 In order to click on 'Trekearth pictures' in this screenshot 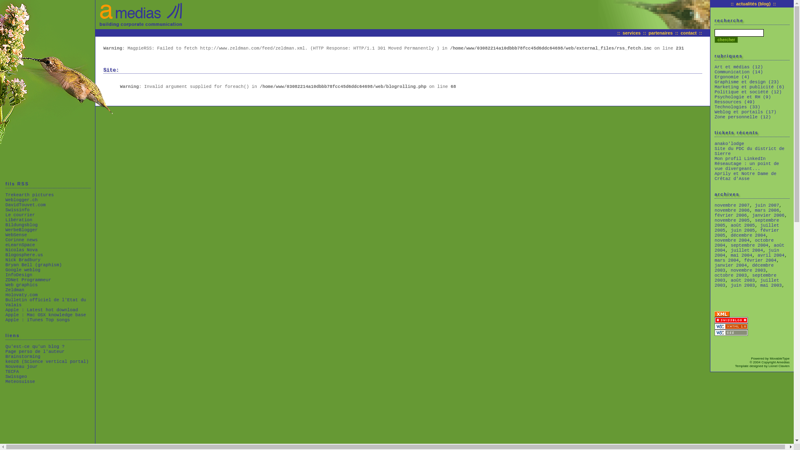, I will do `click(5, 195)`.